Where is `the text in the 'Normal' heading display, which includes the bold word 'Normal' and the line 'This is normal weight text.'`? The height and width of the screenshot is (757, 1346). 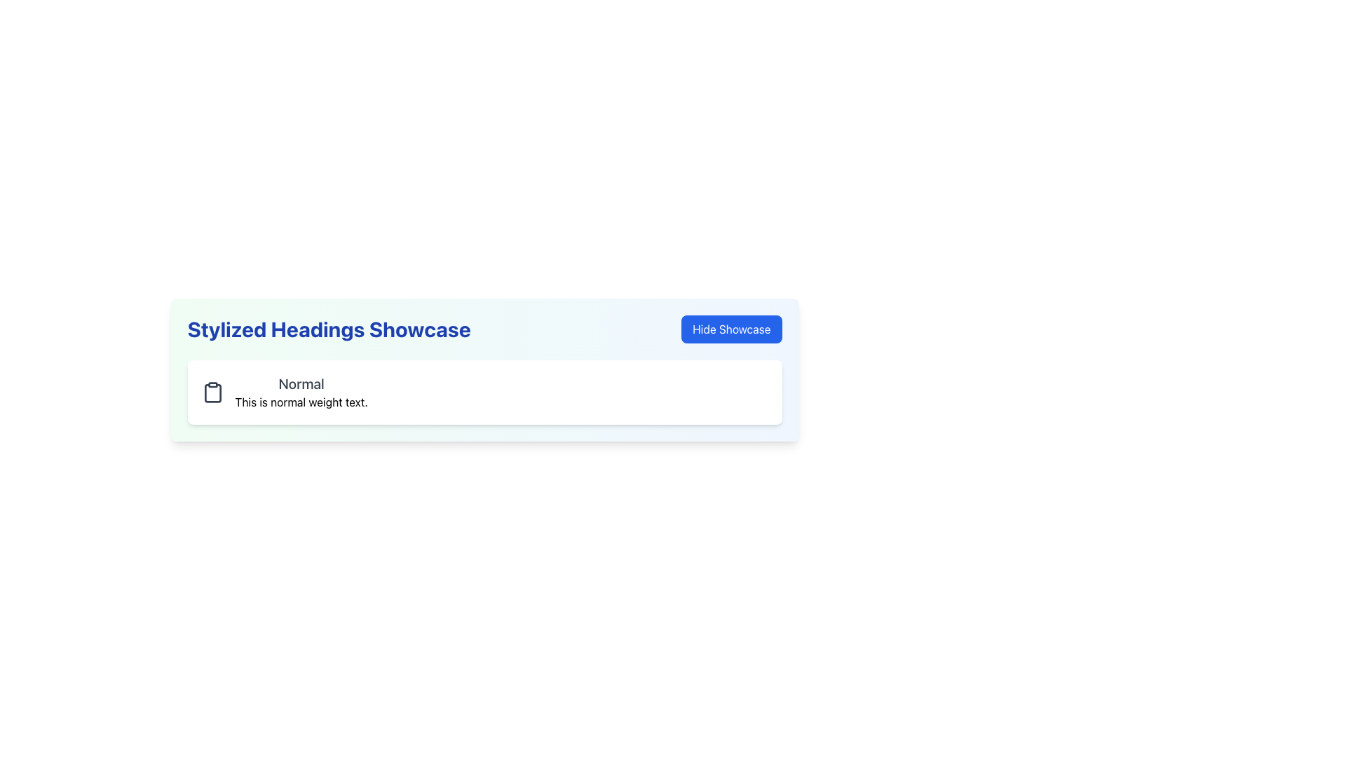 the text in the 'Normal' heading display, which includes the bold word 'Normal' and the line 'This is normal weight text.' is located at coordinates (301, 392).